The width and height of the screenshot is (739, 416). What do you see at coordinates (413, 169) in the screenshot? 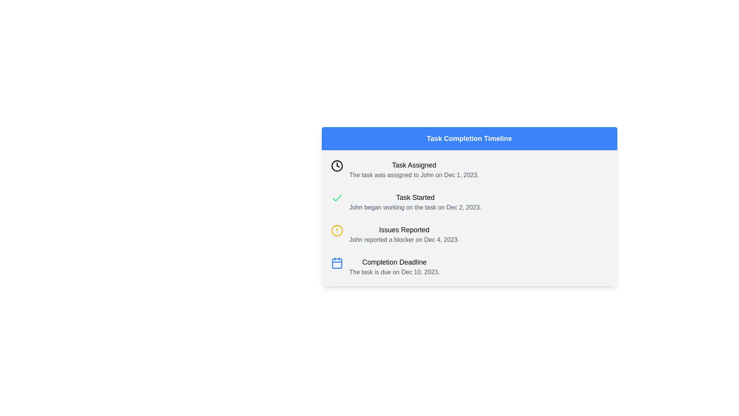
I see `the Text Display element that communicates the assignment of a task to 'John' on Dec 1, 2023, for timeline interaction` at bounding box center [413, 169].